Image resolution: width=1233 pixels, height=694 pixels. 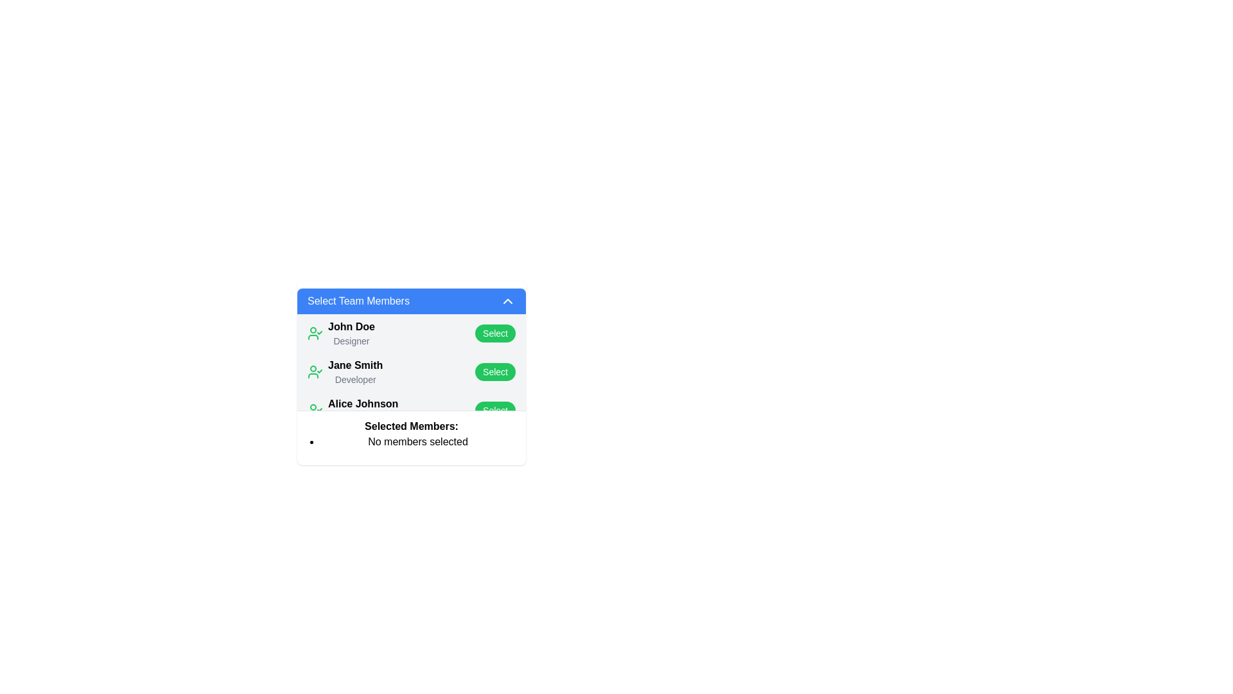 I want to click on the list item representing Alice Johnson, the Project Manager, within the 'Select Team Members' dropdown menu, so click(x=353, y=411).